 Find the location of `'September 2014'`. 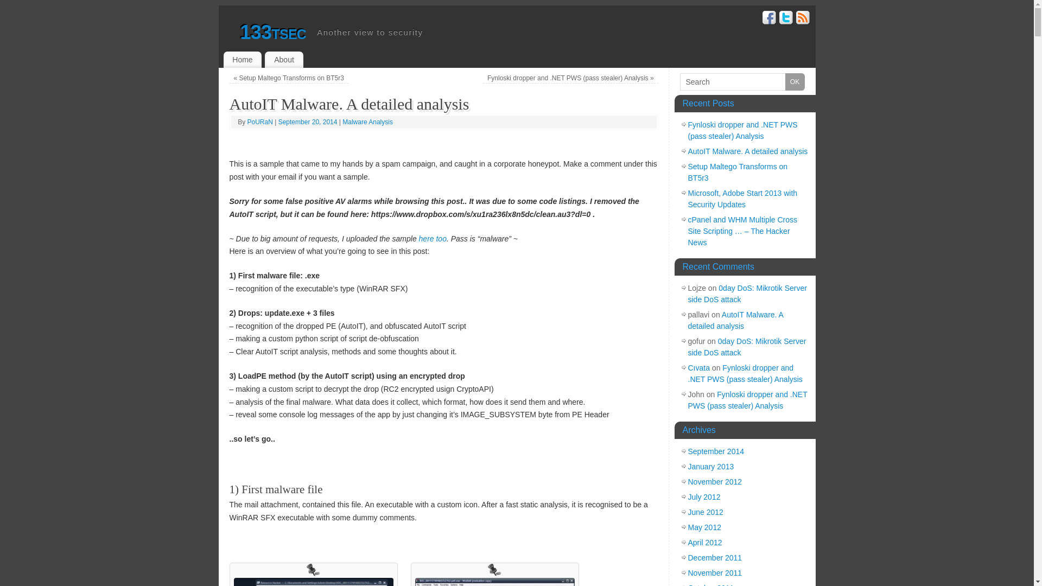

'September 2014' is located at coordinates (716, 451).